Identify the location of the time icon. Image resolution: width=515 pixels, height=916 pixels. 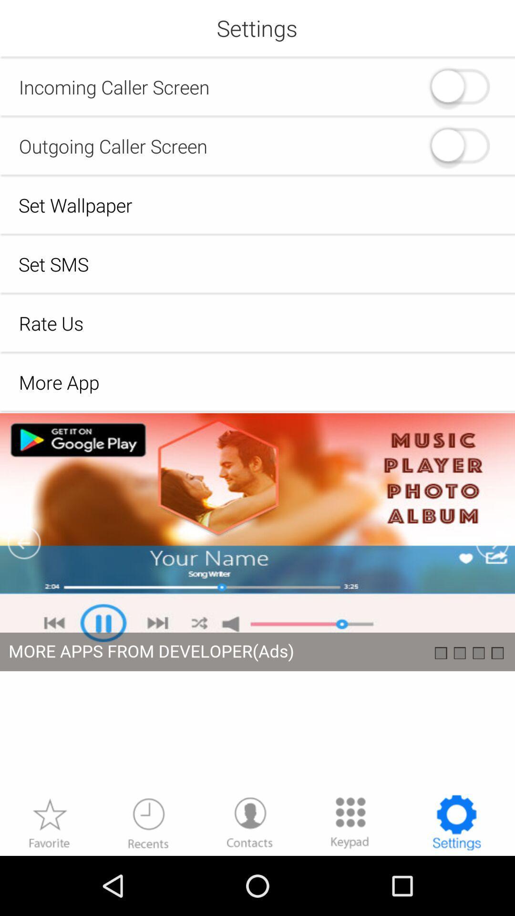
(148, 880).